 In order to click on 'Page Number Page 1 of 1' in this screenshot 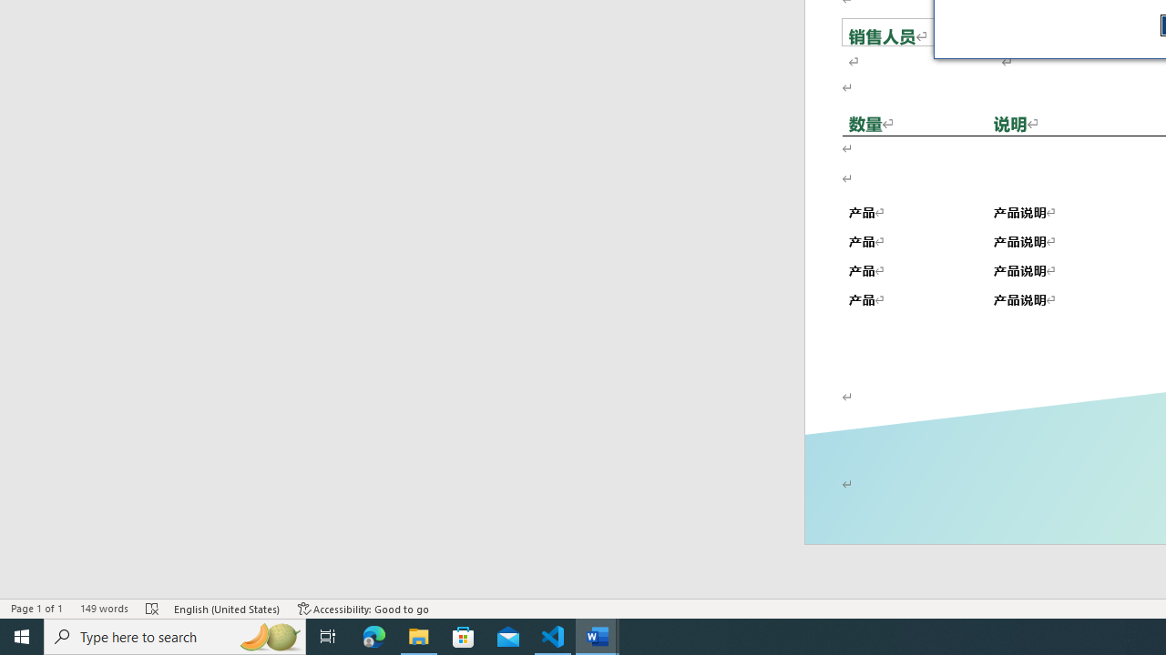, I will do `click(36, 609)`.